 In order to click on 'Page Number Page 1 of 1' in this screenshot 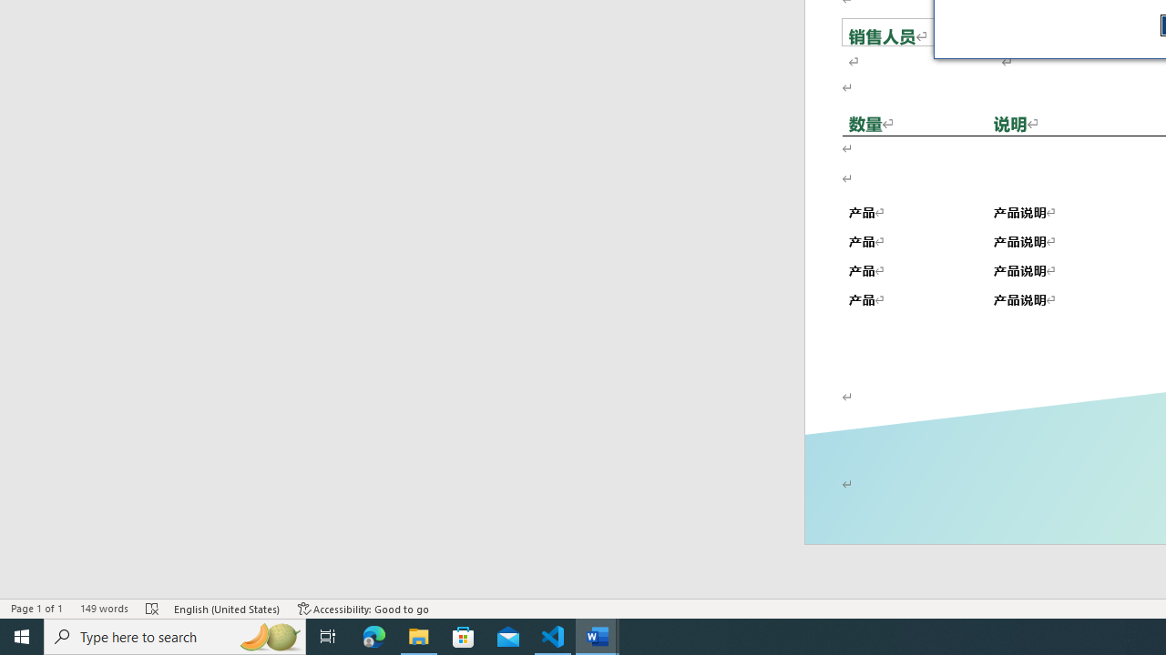, I will do `click(36, 609)`.